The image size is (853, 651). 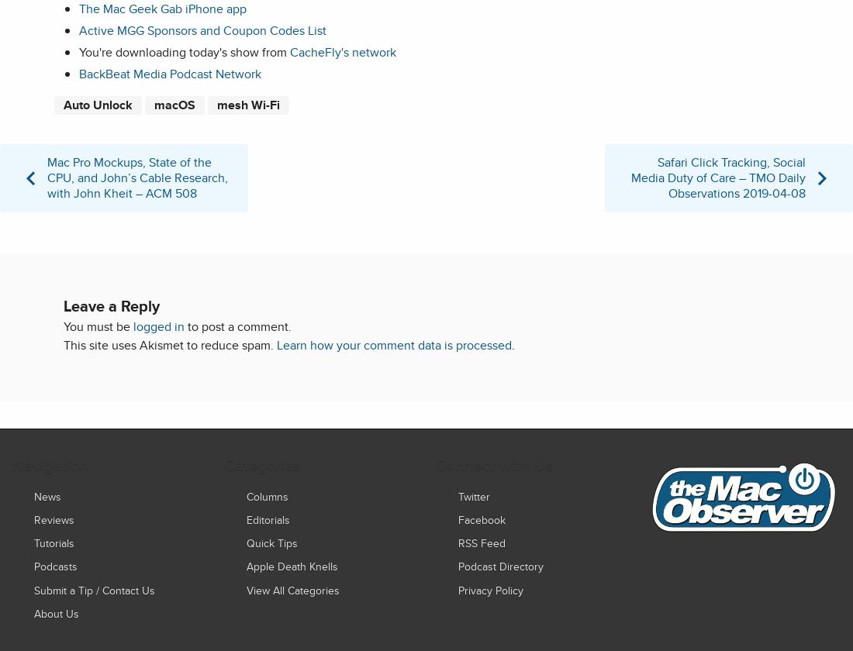 I want to click on 'Mac Pro Mockups, State of the CPU, and John’s Cable Research, with John Kheit – ACM 508', so click(x=136, y=176).